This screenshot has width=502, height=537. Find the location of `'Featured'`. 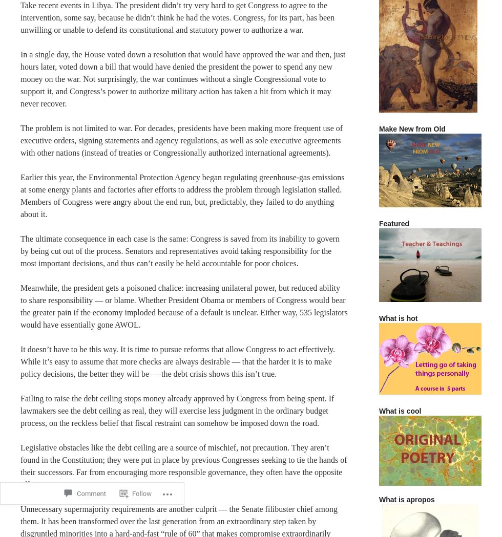

'Featured' is located at coordinates (394, 223).